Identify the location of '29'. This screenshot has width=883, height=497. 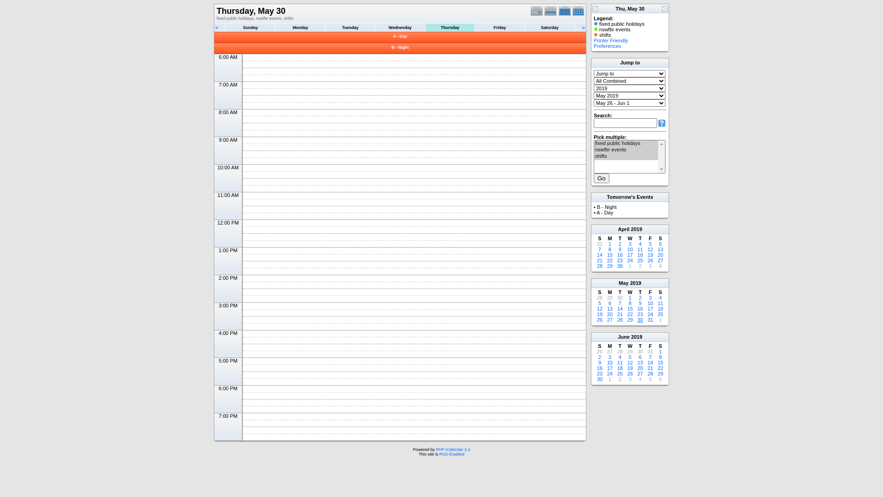
(609, 266).